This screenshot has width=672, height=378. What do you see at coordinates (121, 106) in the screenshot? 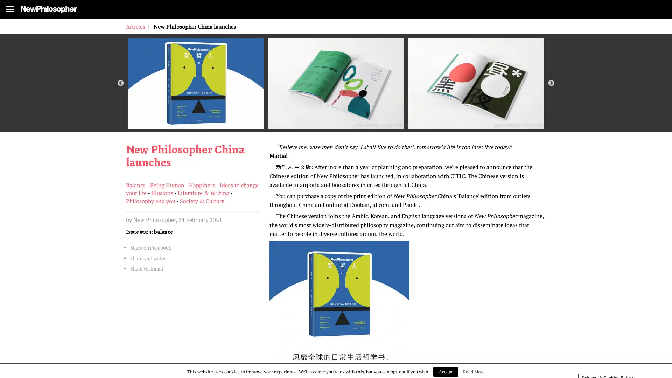
I see `Previous` at bounding box center [121, 106].